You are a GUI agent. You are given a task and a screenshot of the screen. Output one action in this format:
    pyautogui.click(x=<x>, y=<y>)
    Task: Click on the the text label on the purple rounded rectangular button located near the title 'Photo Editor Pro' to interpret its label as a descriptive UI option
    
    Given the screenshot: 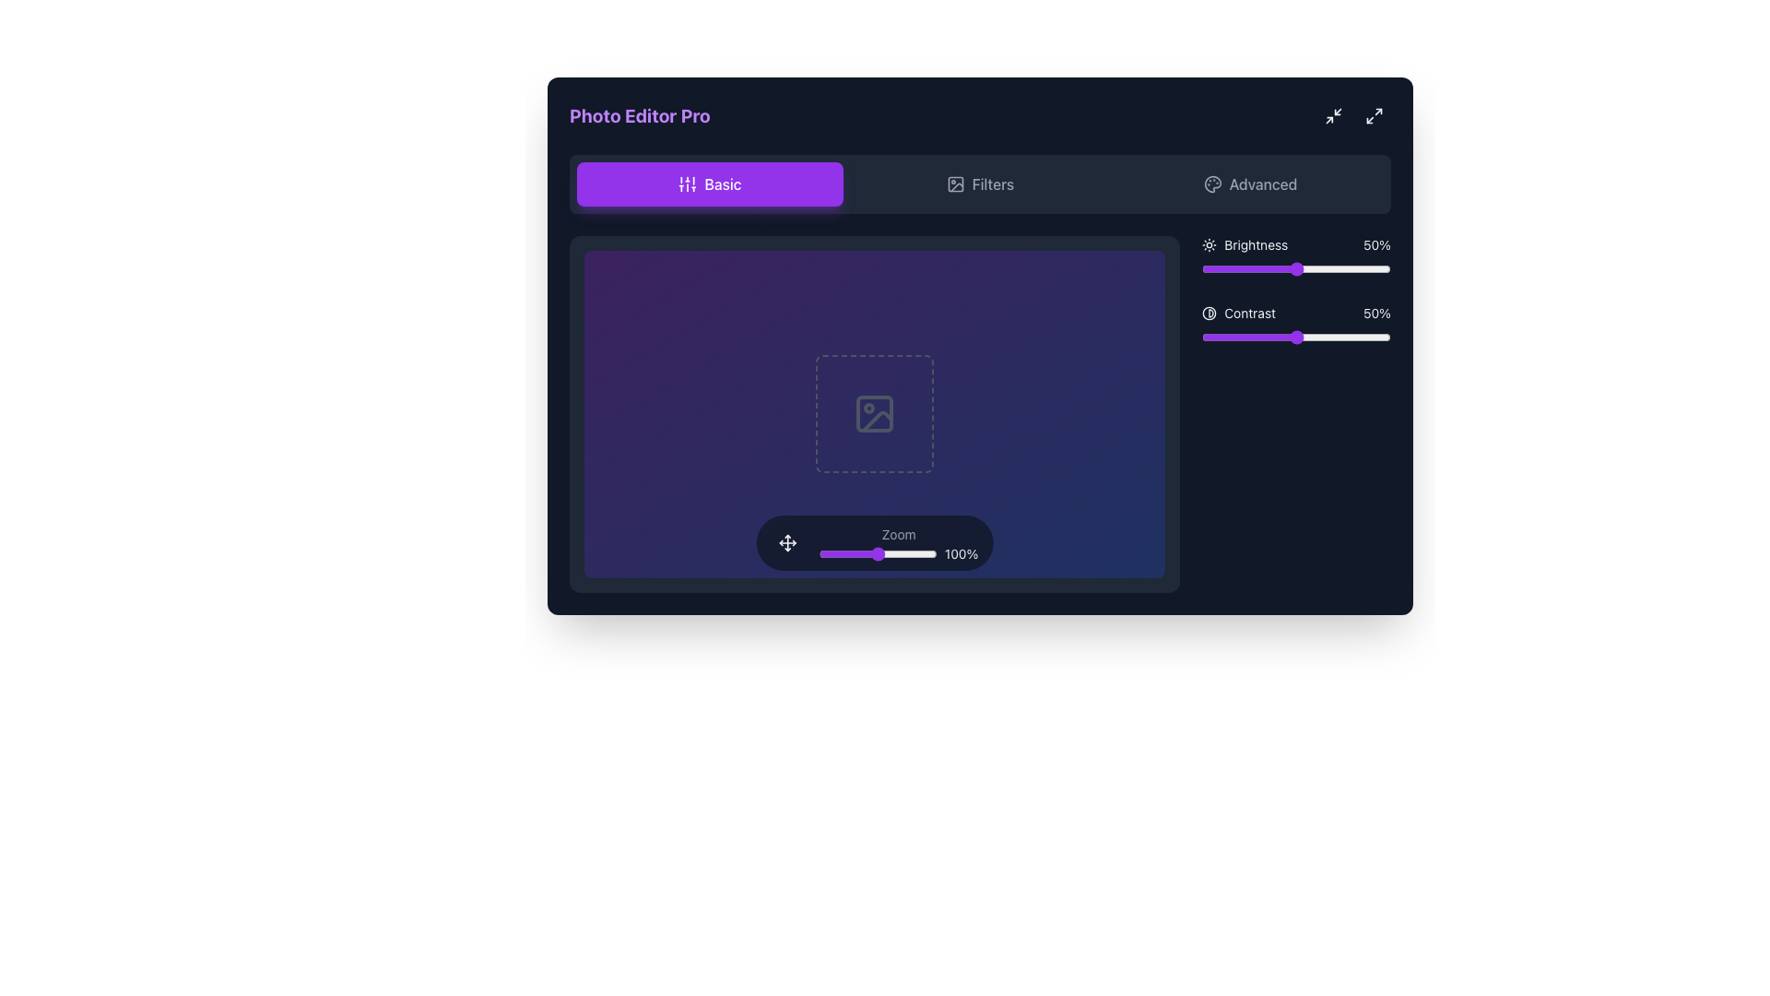 What is the action you would take?
    pyautogui.click(x=722, y=184)
    